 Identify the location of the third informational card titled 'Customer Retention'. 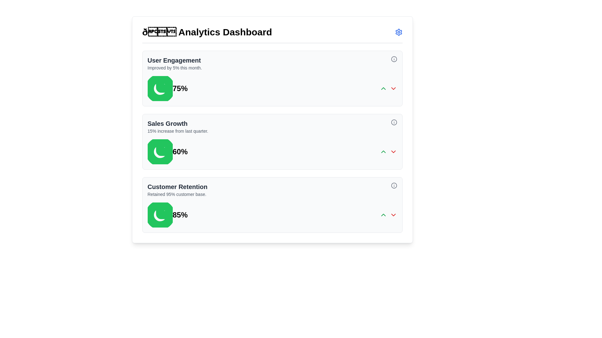
(272, 205).